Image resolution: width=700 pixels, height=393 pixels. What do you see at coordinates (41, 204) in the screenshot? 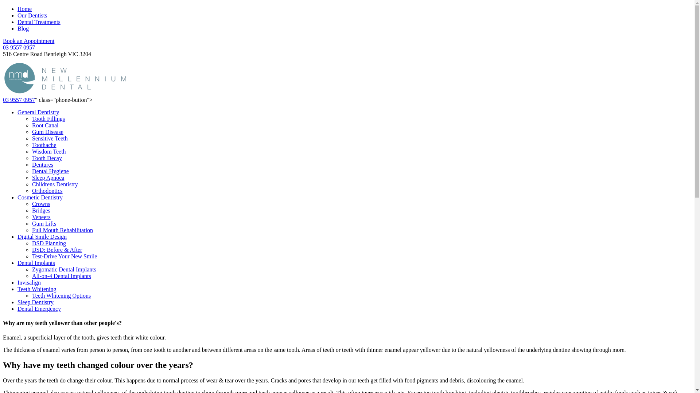
I see `'Crowns'` at bounding box center [41, 204].